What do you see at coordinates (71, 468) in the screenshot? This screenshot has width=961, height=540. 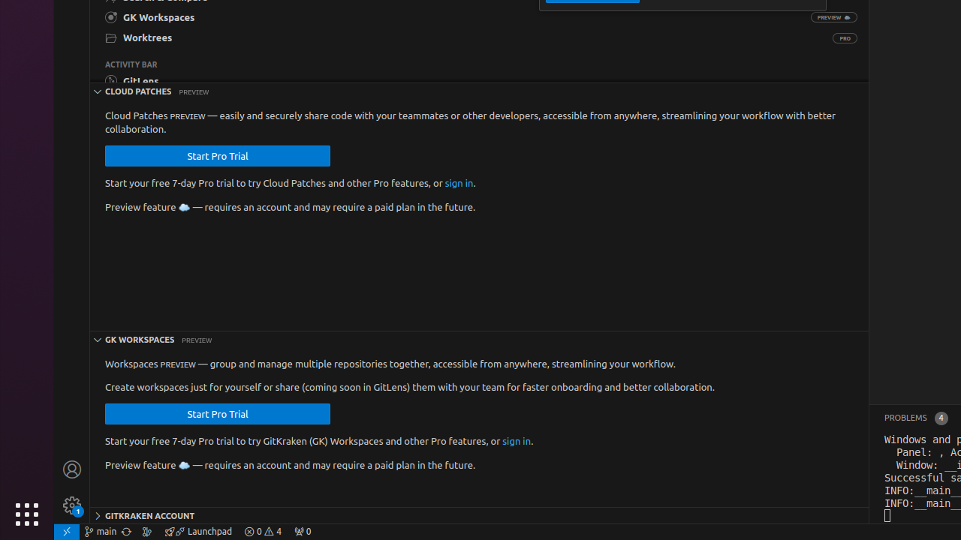 I see `'Accounts'` at bounding box center [71, 468].